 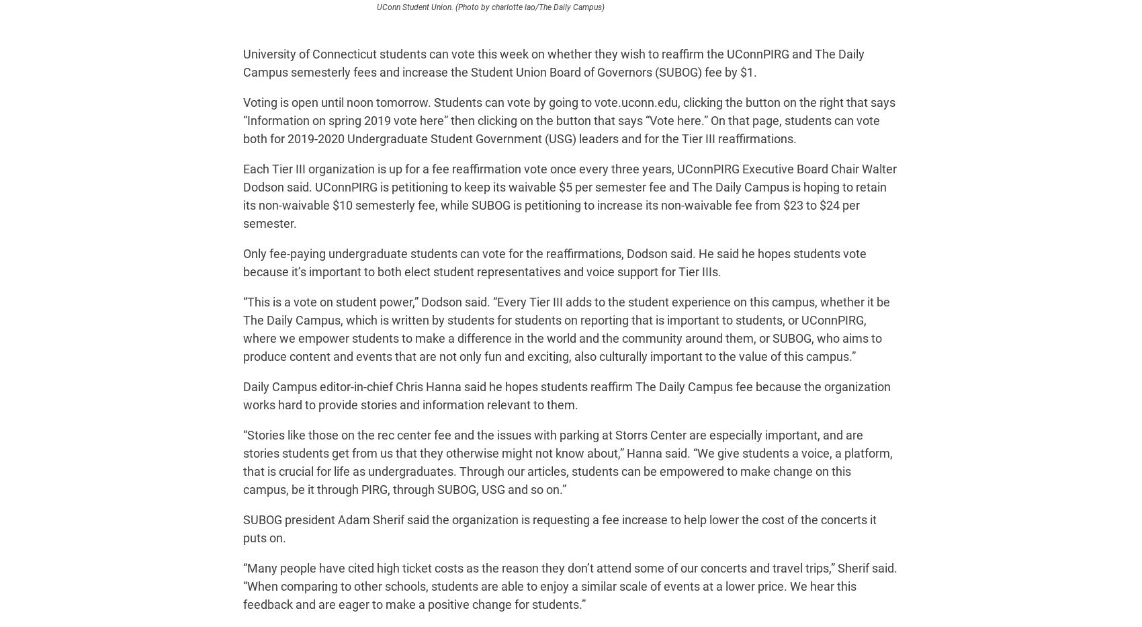 I want to click on '“This is a vote on student power,” Dodson said. “Every Tier III adds to the student experience on this campus, whether it be The Daily Campus, which is written by students for students on reporting that is important to students, or UConnPIRG, where we empower students to make a difference in the world and the community around them, or SUBOG, who aims to produce content and events that are not only fun and exciting, also culturally important to the value of this campus.”', so click(x=242, y=329).